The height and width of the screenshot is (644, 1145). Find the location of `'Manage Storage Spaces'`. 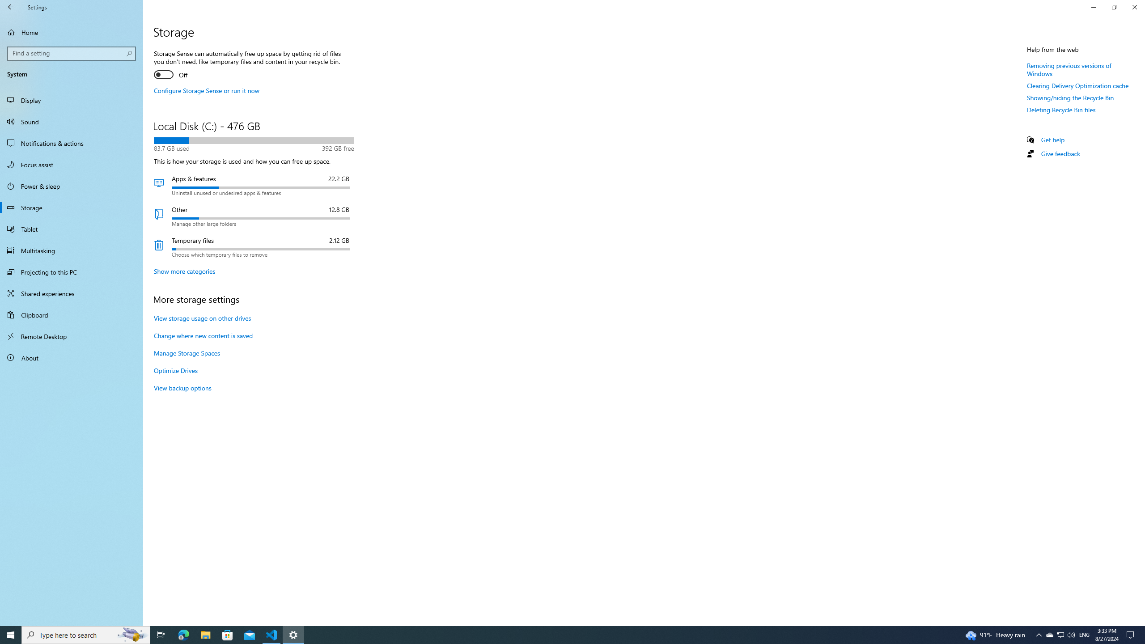

'Manage Storage Spaces' is located at coordinates (186, 352).